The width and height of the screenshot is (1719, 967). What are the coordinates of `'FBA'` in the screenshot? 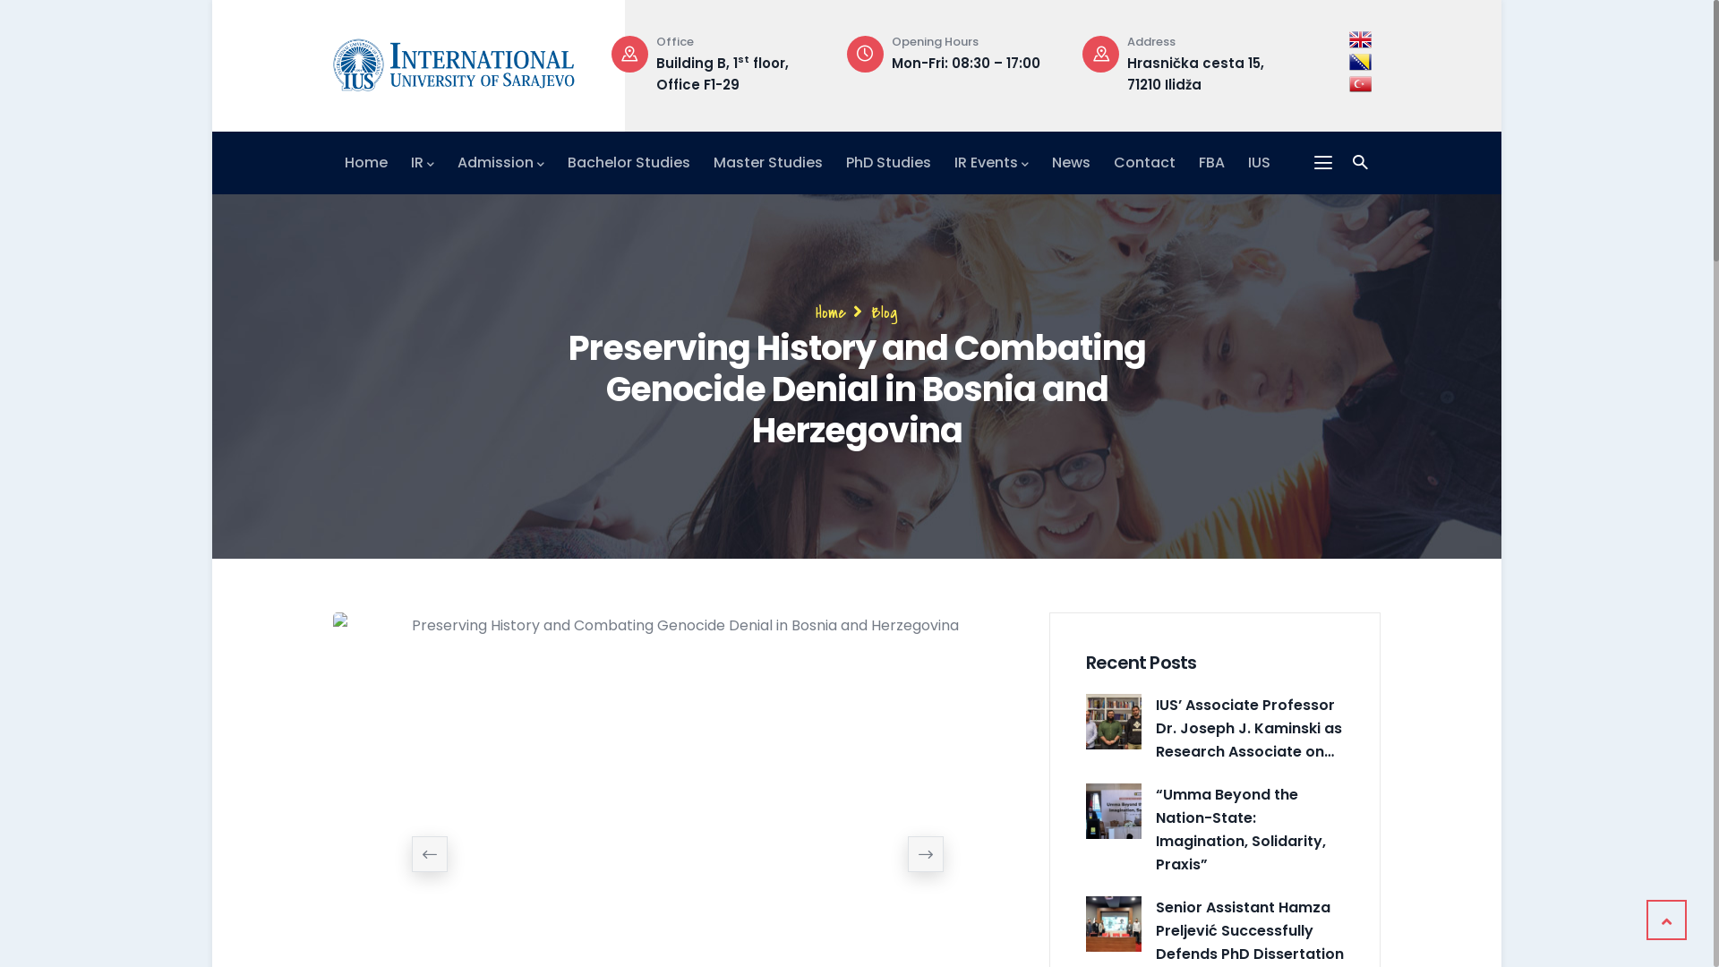 It's located at (1211, 162).